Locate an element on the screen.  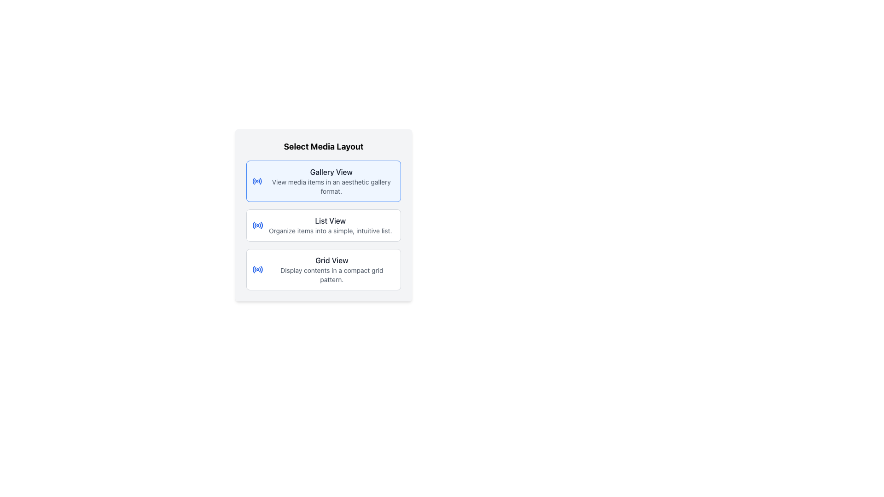
the 'List View' option, which is the second item in a vertically stacked list of options including 'Gallery View' and 'Grid View' is located at coordinates (330, 225).